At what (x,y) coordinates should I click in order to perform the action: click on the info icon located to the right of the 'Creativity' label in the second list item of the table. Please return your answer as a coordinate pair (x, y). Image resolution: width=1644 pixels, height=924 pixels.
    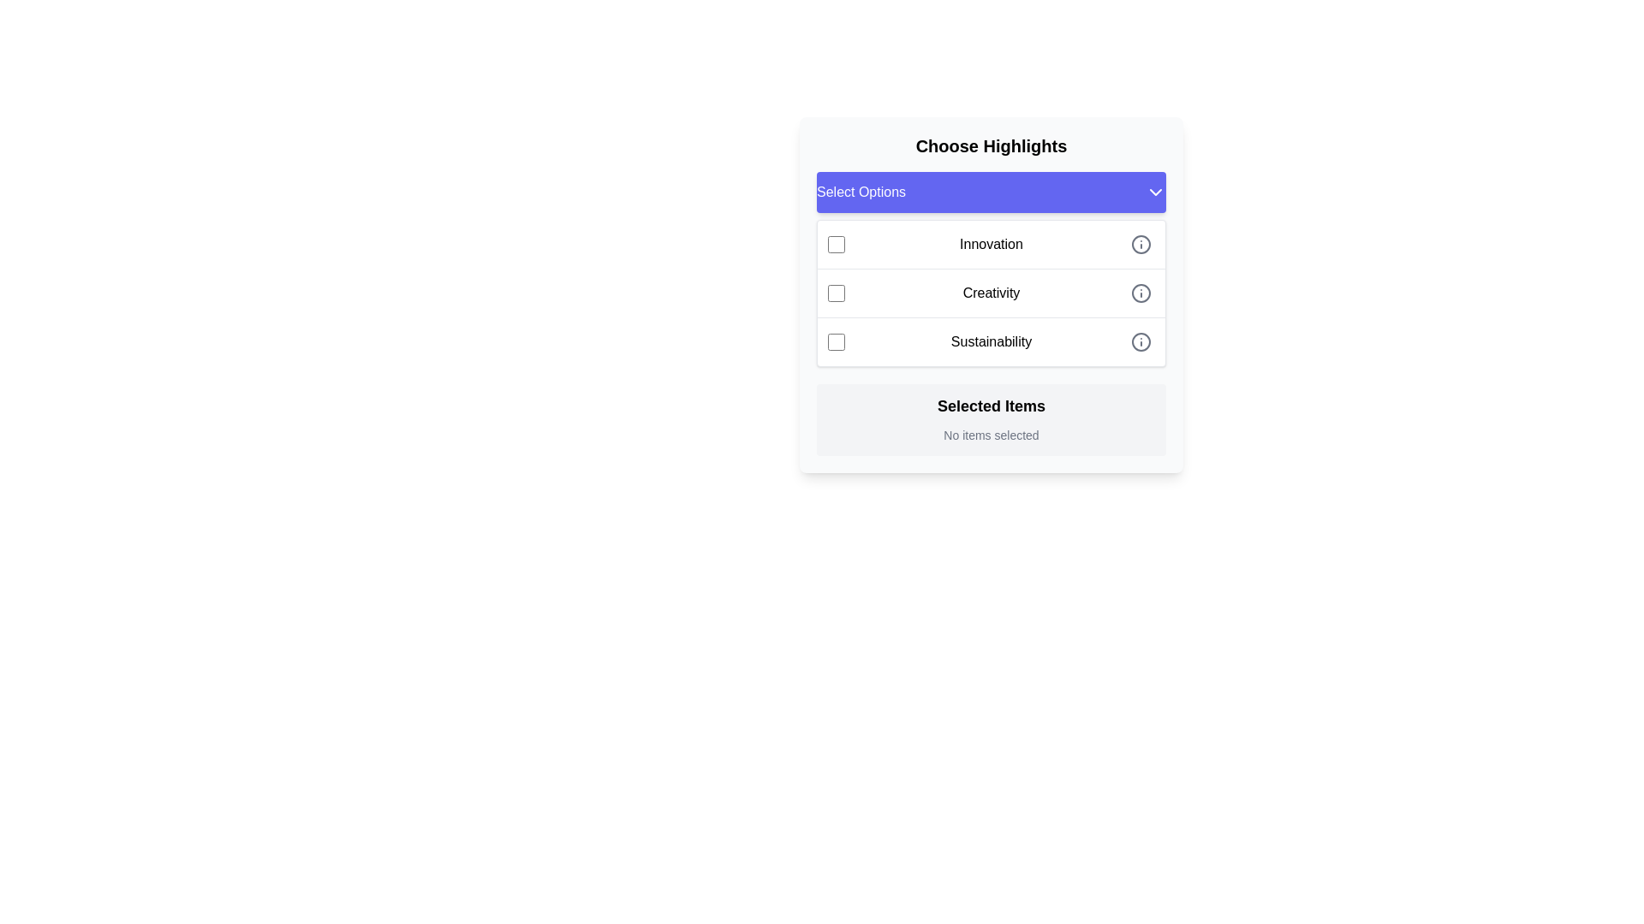
    Looking at the image, I should click on (1141, 293).